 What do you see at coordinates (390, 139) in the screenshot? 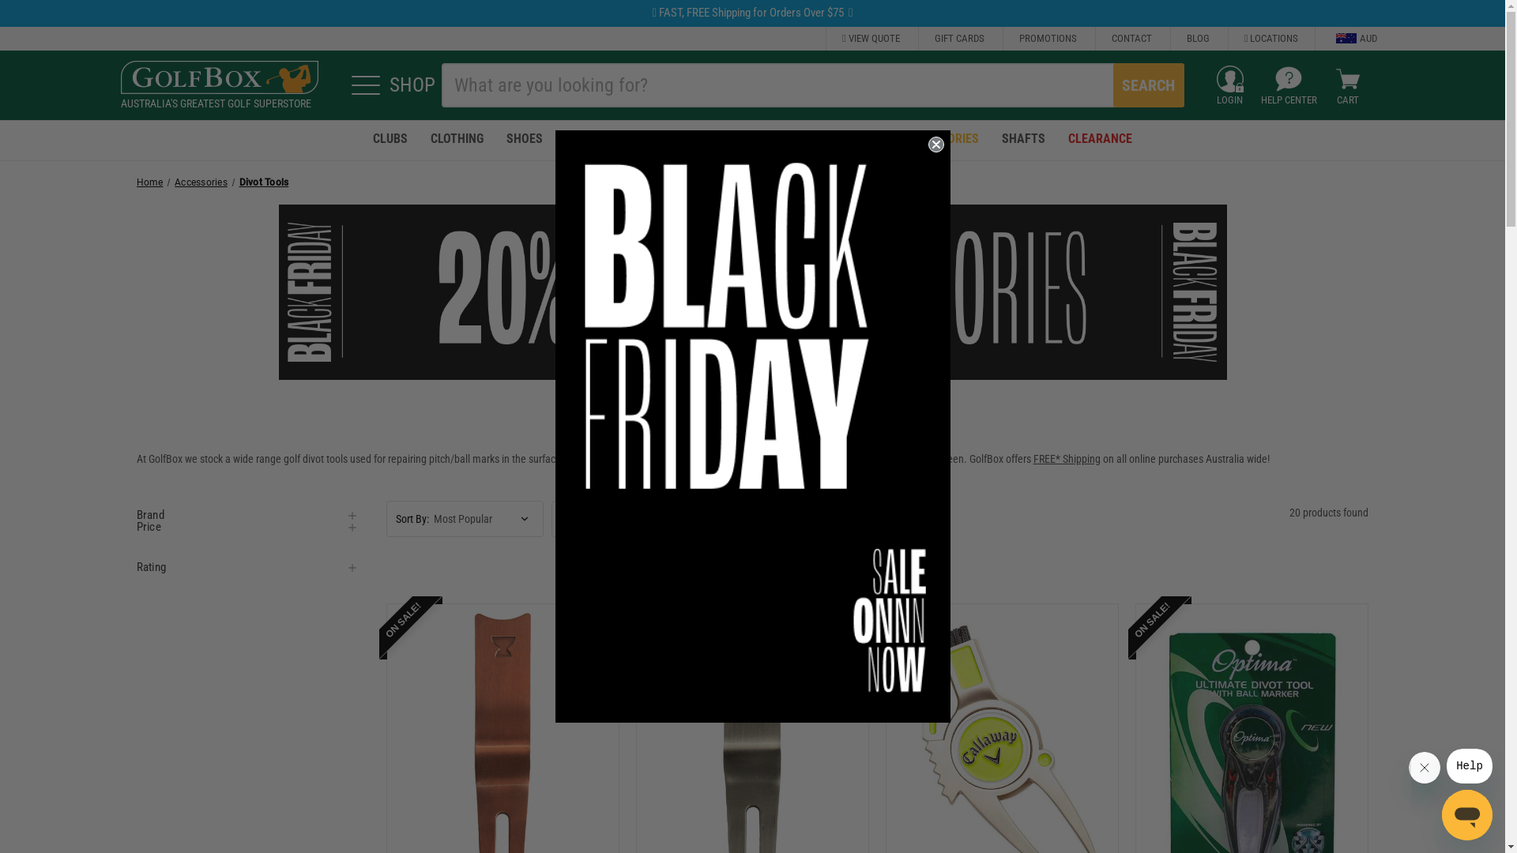
I see `'CLUBS'` at bounding box center [390, 139].